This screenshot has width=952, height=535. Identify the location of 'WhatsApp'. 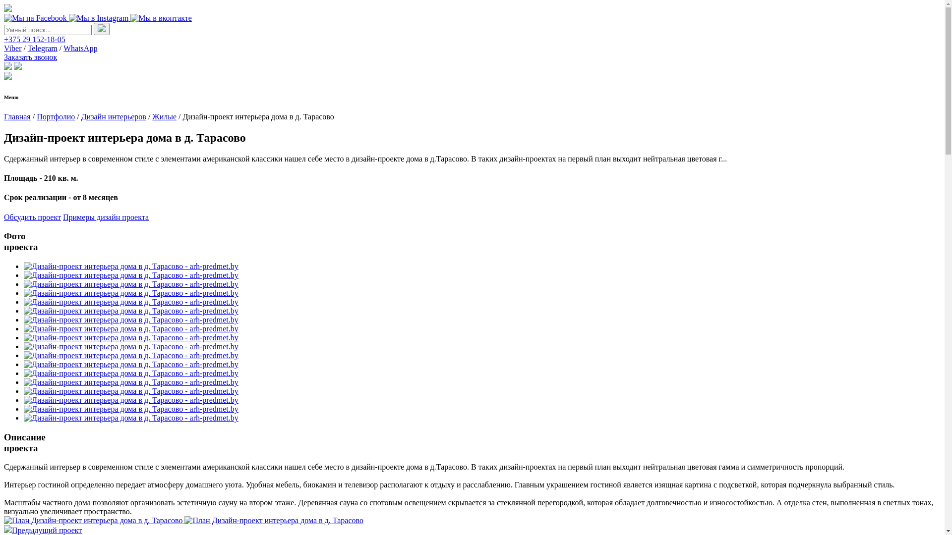
(80, 48).